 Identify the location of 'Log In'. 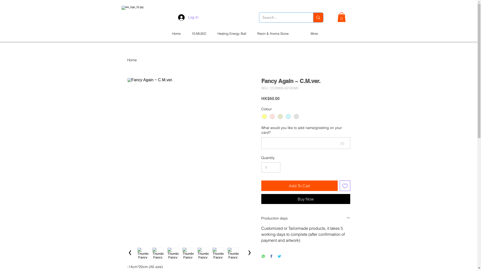
(188, 17).